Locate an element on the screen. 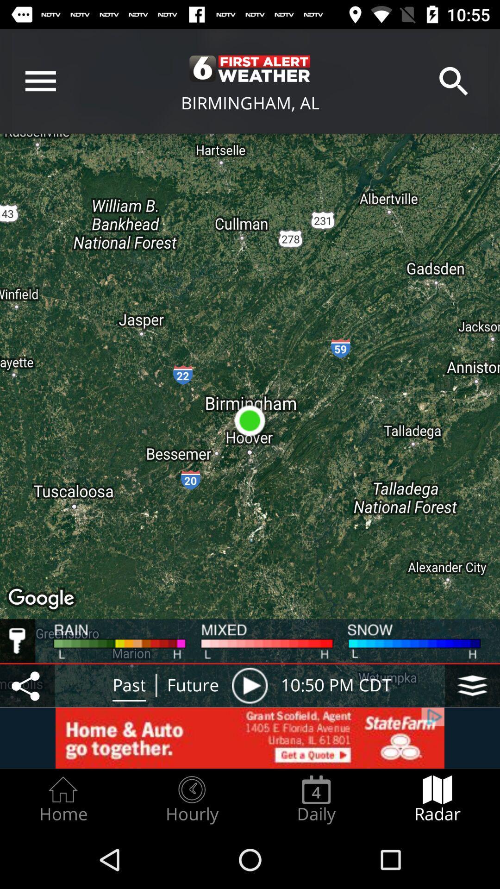  icon next to the hourly icon is located at coordinates (62, 799).